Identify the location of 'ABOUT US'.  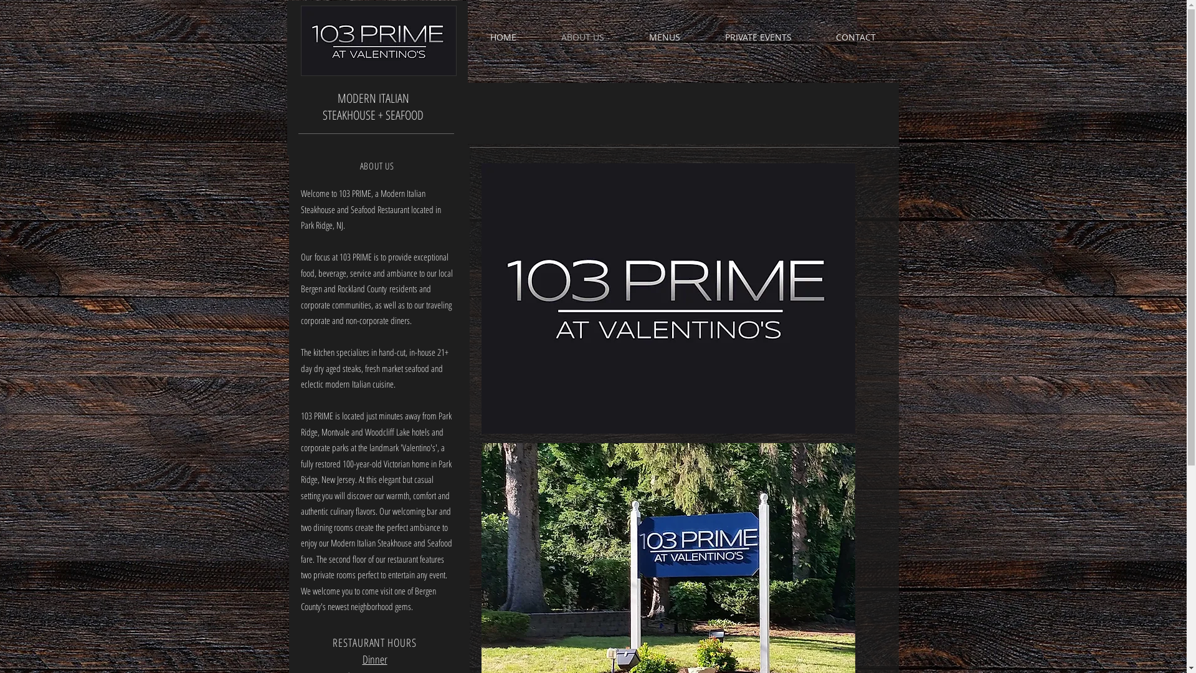
(538, 37).